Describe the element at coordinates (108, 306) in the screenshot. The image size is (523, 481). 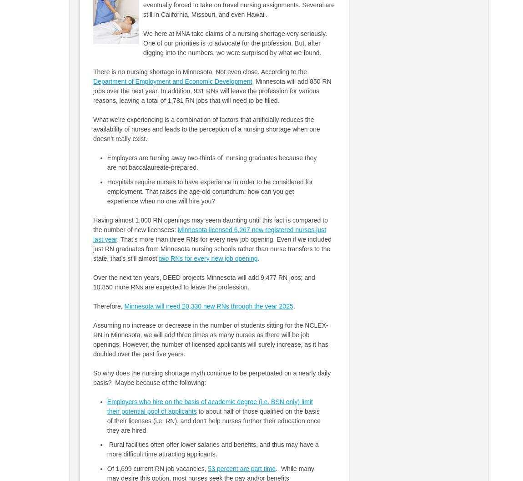
I see `'Therefore,'` at that location.